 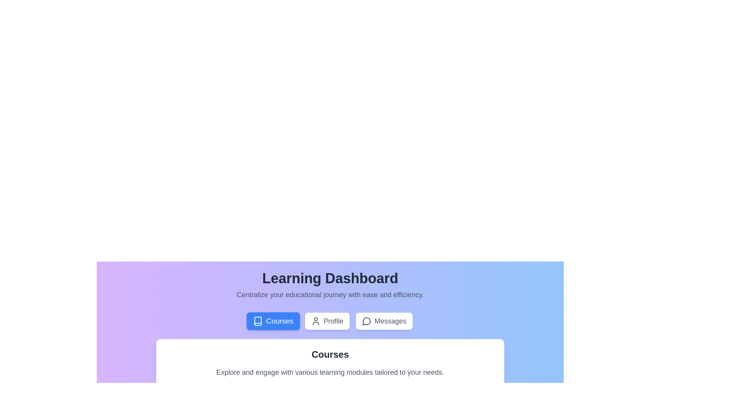 What do you see at coordinates (273, 321) in the screenshot?
I see `the Courses tab button to observe the hover effect` at bounding box center [273, 321].